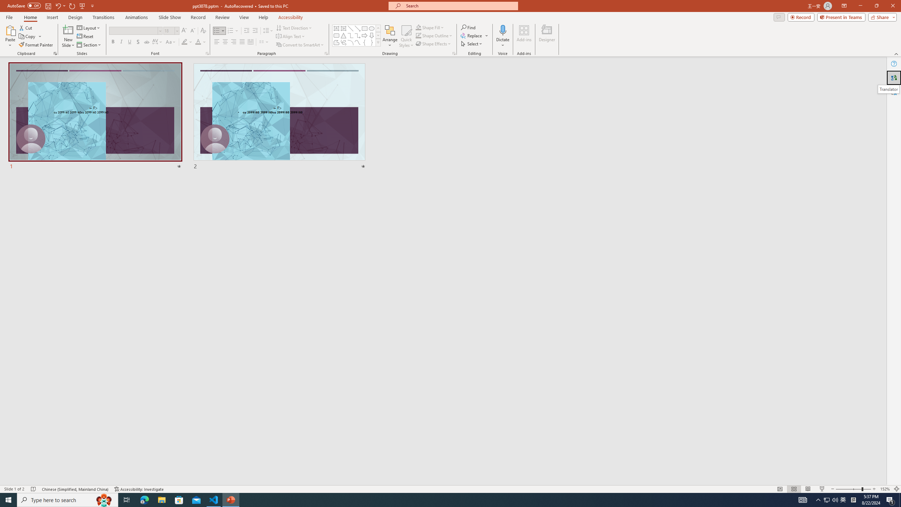 This screenshot has width=901, height=507. Describe the element at coordinates (406, 36) in the screenshot. I see `'Quick Styles'` at that location.